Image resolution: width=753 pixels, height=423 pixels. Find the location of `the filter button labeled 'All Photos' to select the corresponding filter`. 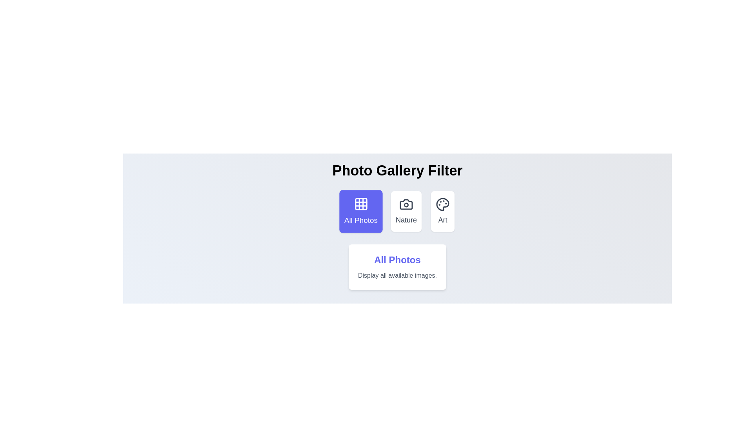

the filter button labeled 'All Photos' to select the corresponding filter is located at coordinates (360, 211).